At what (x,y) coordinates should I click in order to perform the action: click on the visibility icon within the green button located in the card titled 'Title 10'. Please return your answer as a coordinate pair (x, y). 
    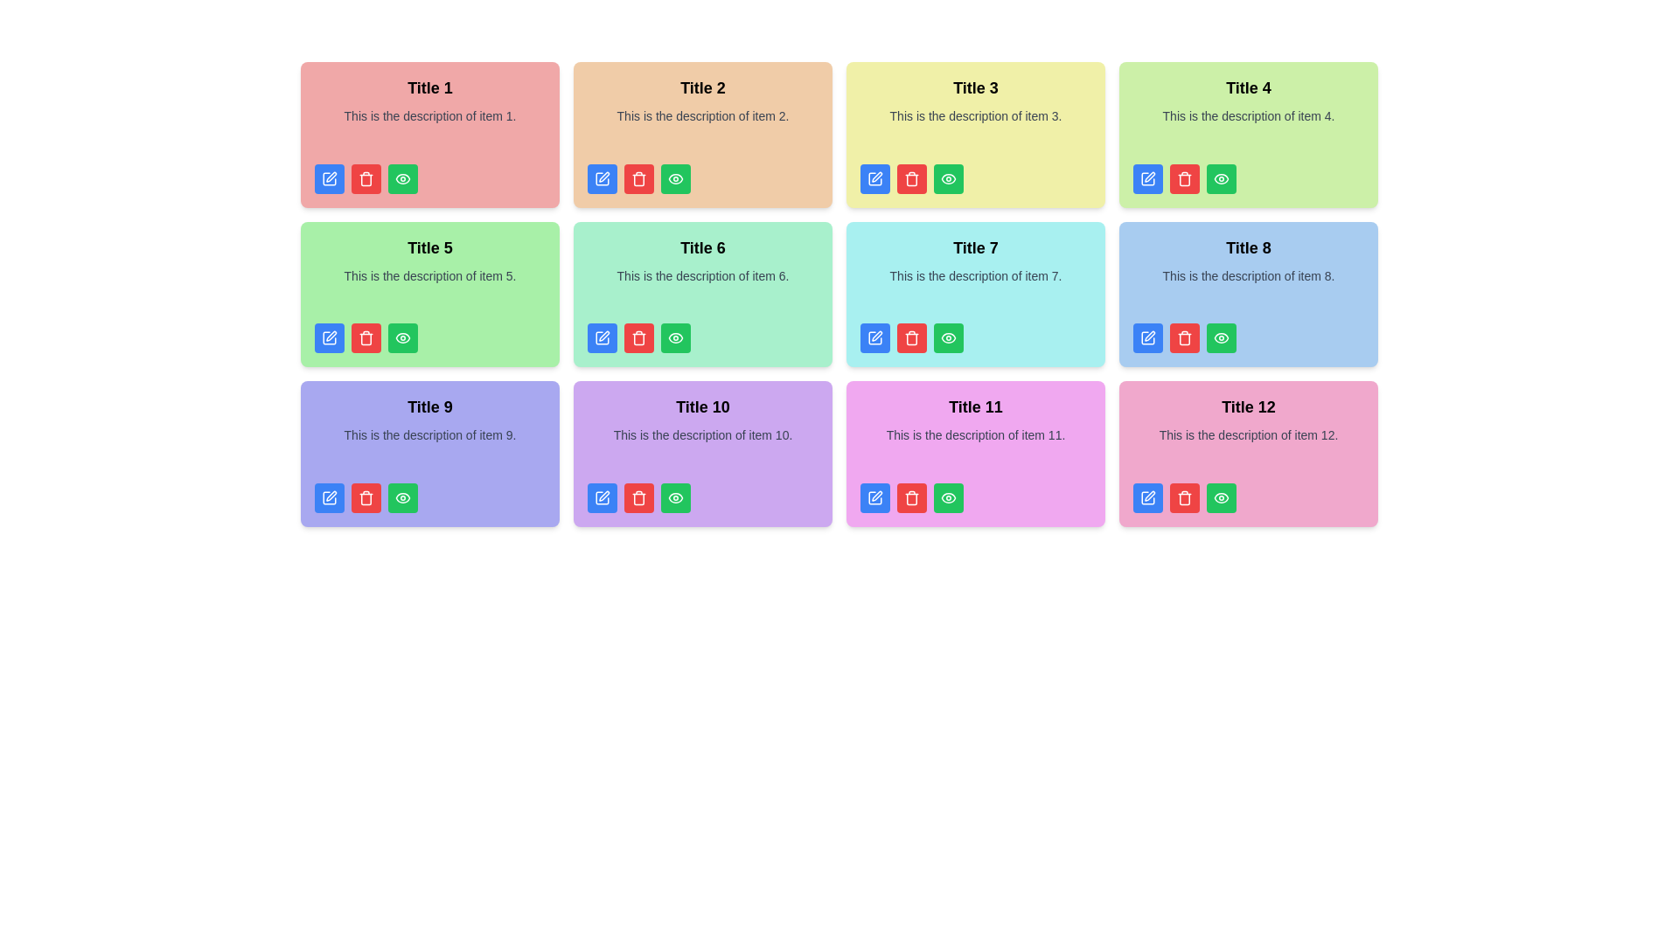
    Looking at the image, I should click on (674, 497).